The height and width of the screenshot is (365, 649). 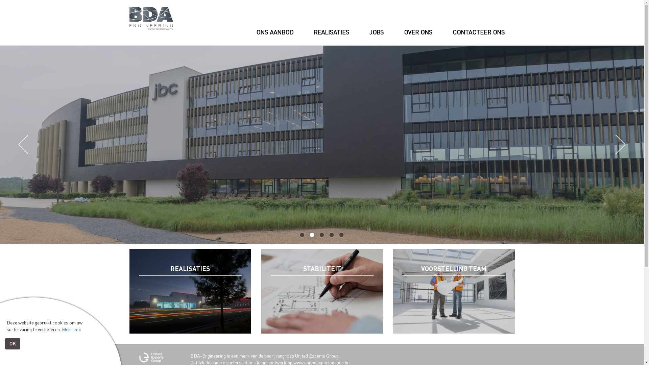 What do you see at coordinates (150, 18) in the screenshot?
I see `'BDA-Engineering'` at bounding box center [150, 18].